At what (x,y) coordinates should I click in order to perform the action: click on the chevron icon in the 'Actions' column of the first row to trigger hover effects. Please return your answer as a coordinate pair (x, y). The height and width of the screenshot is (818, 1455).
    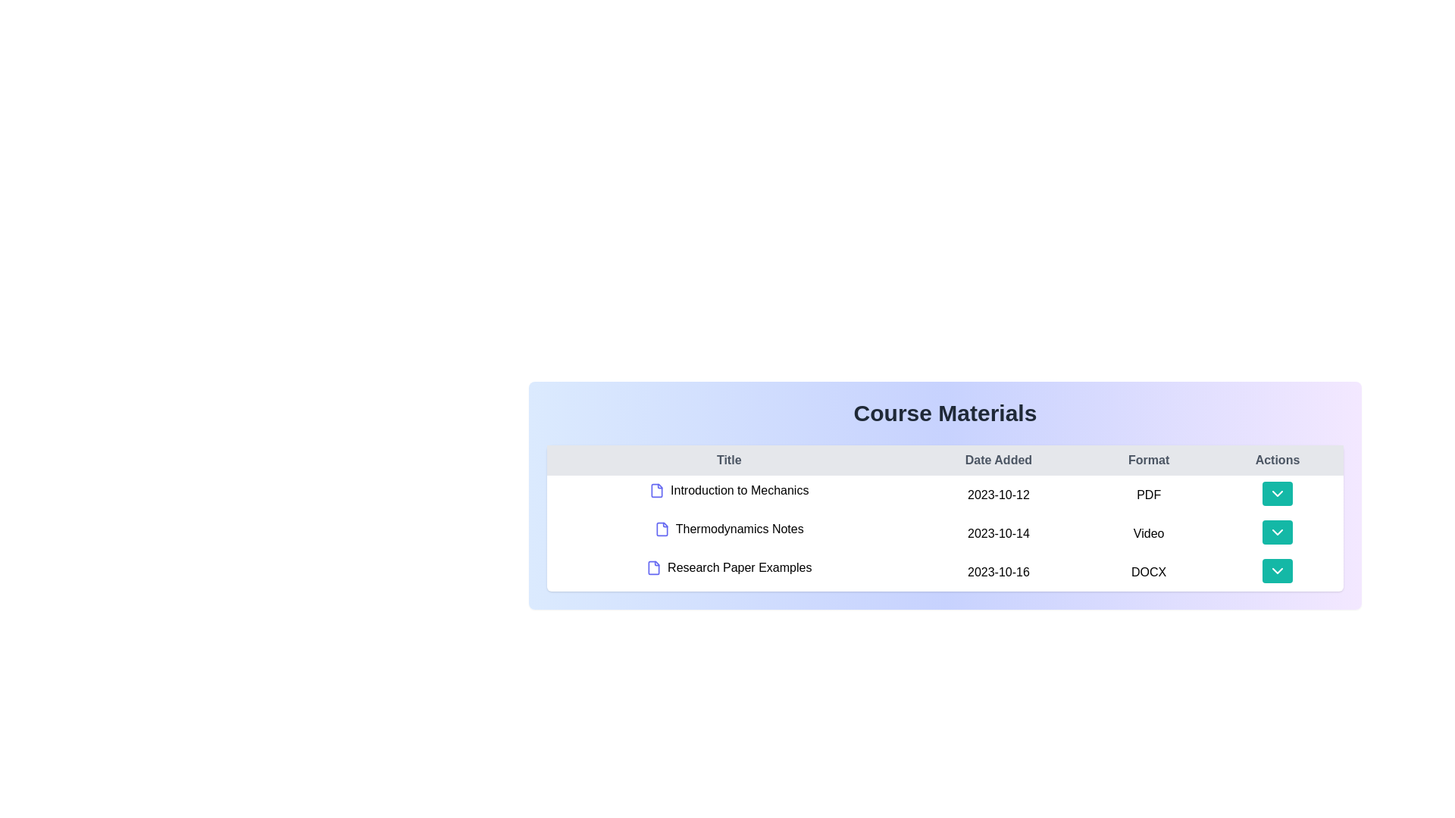
    Looking at the image, I should click on (1276, 493).